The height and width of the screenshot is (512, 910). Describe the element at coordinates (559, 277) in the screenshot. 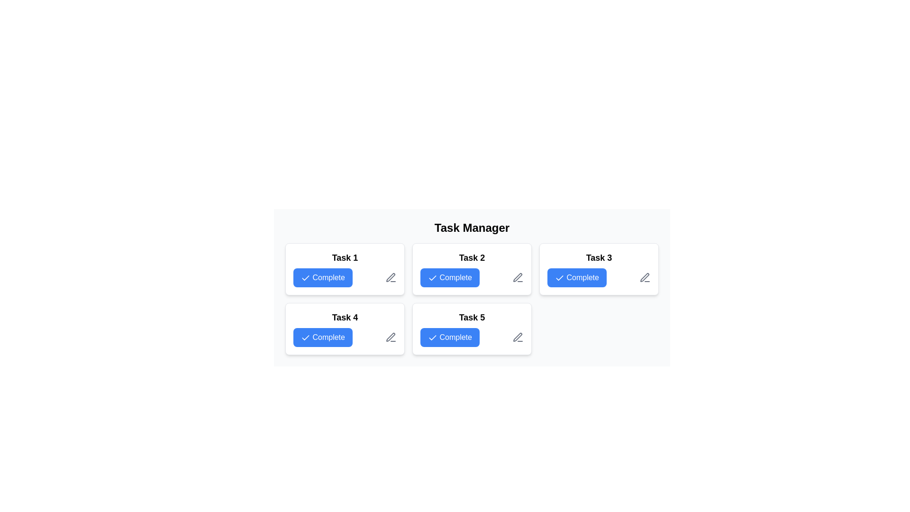

I see `the compact check icon, which is a white checkmark on a blue circular background, located within the 'Complete' button in the 'Task 3' card` at that location.